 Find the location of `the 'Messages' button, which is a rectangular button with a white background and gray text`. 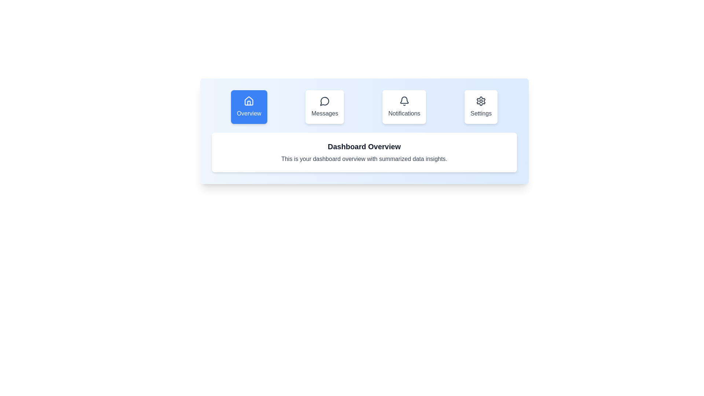

the 'Messages' button, which is a rectangular button with a white background and gray text is located at coordinates (324, 107).